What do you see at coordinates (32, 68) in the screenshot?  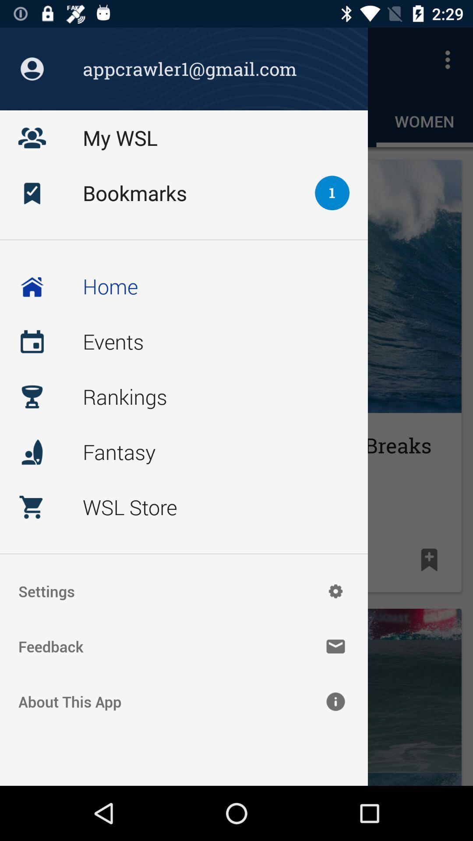 I see `the profile icon which is on the top left corner` at bounding box center [32, 68].